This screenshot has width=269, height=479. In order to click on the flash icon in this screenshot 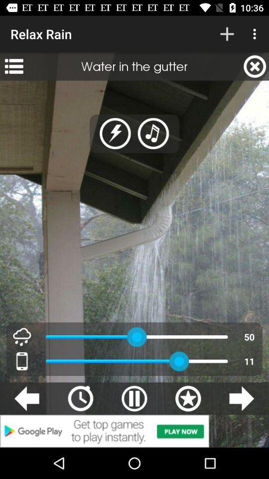, I will do `click(115, 133)`.